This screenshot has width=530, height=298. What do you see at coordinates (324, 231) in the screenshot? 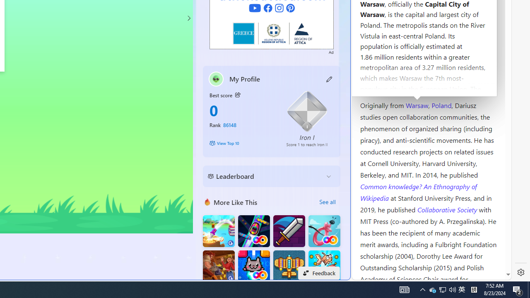
I see `'Balloon FRVR'` at bounding box center [324, 231].